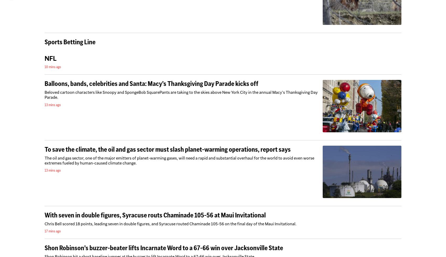 The image size is (446, 257). I want to click on 'Chris Bell scored 18 points, leading seven in double figures, and Syracuse routed Chaminade 105-56 on the final day of the Maui Invitational.', so click(171, 223).